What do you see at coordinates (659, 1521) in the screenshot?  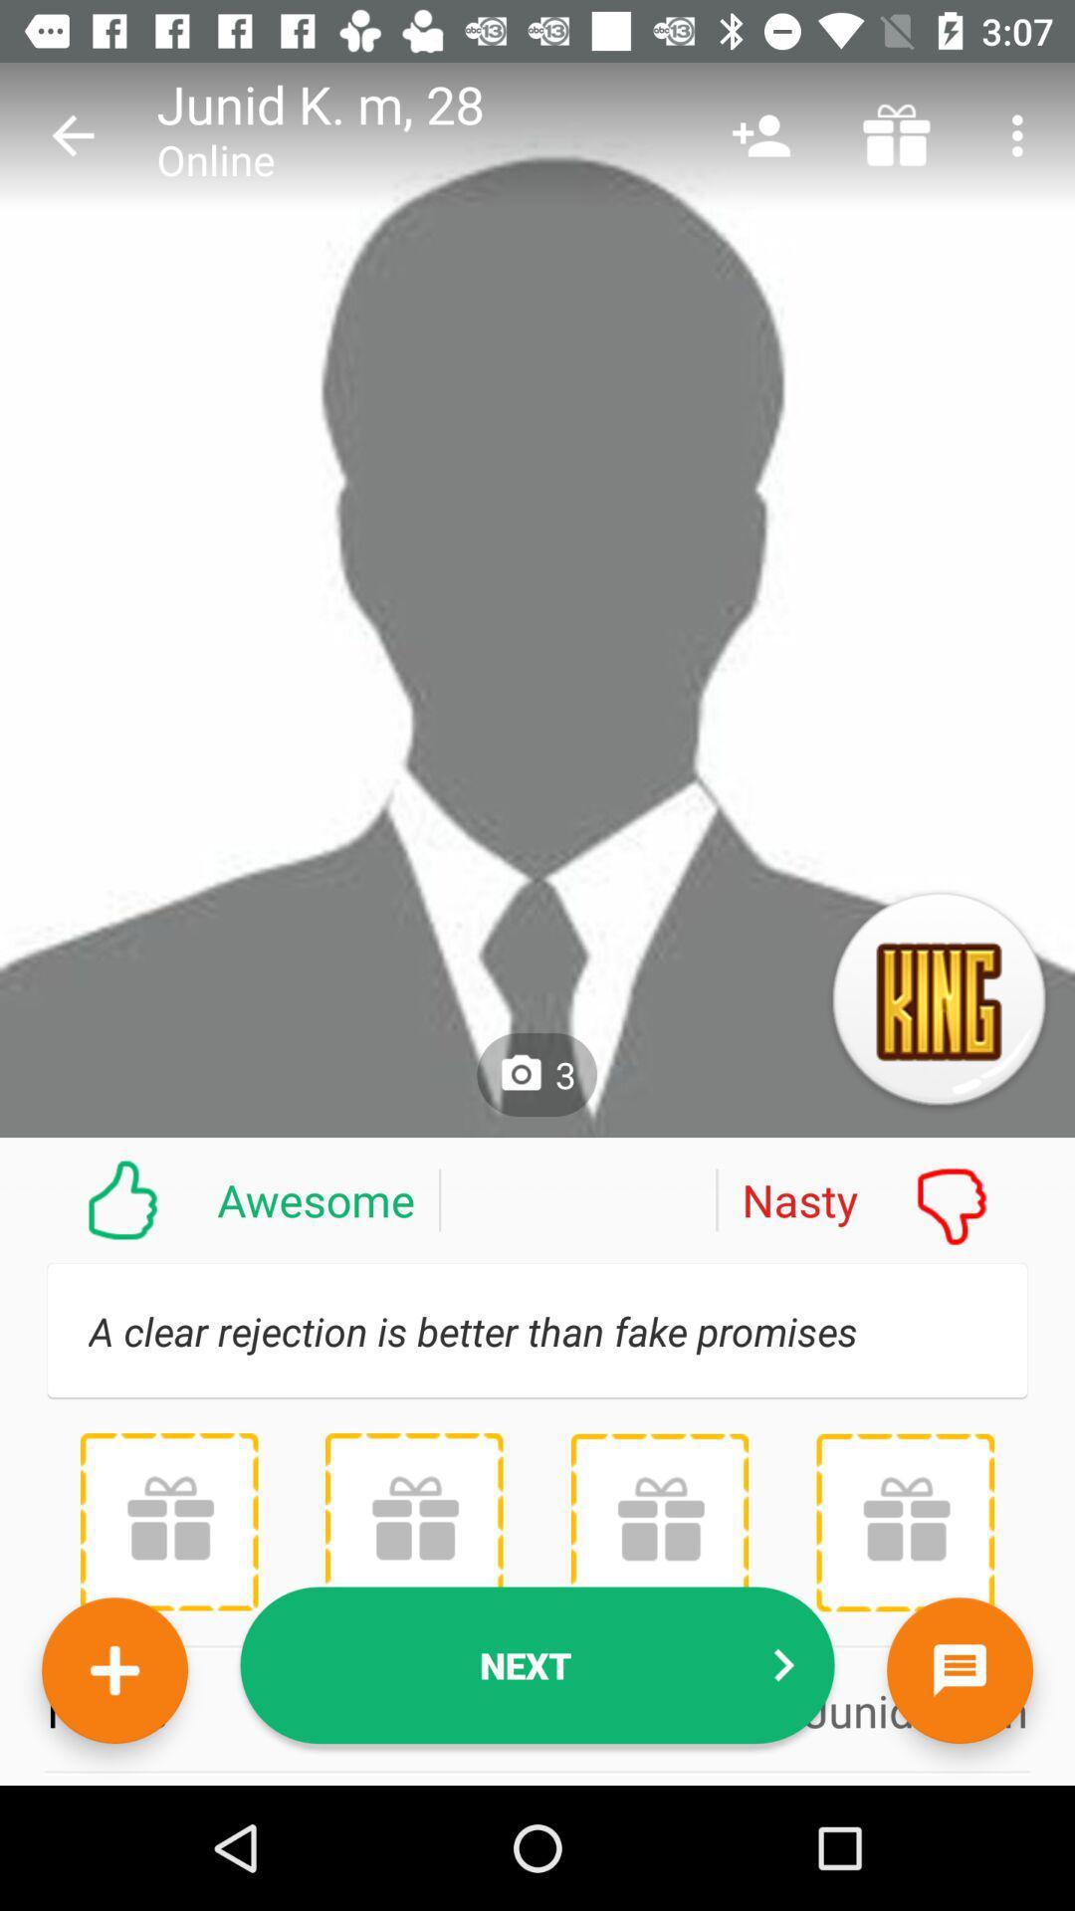 I see `profile gifts received` at bounding box center [659, 1521].